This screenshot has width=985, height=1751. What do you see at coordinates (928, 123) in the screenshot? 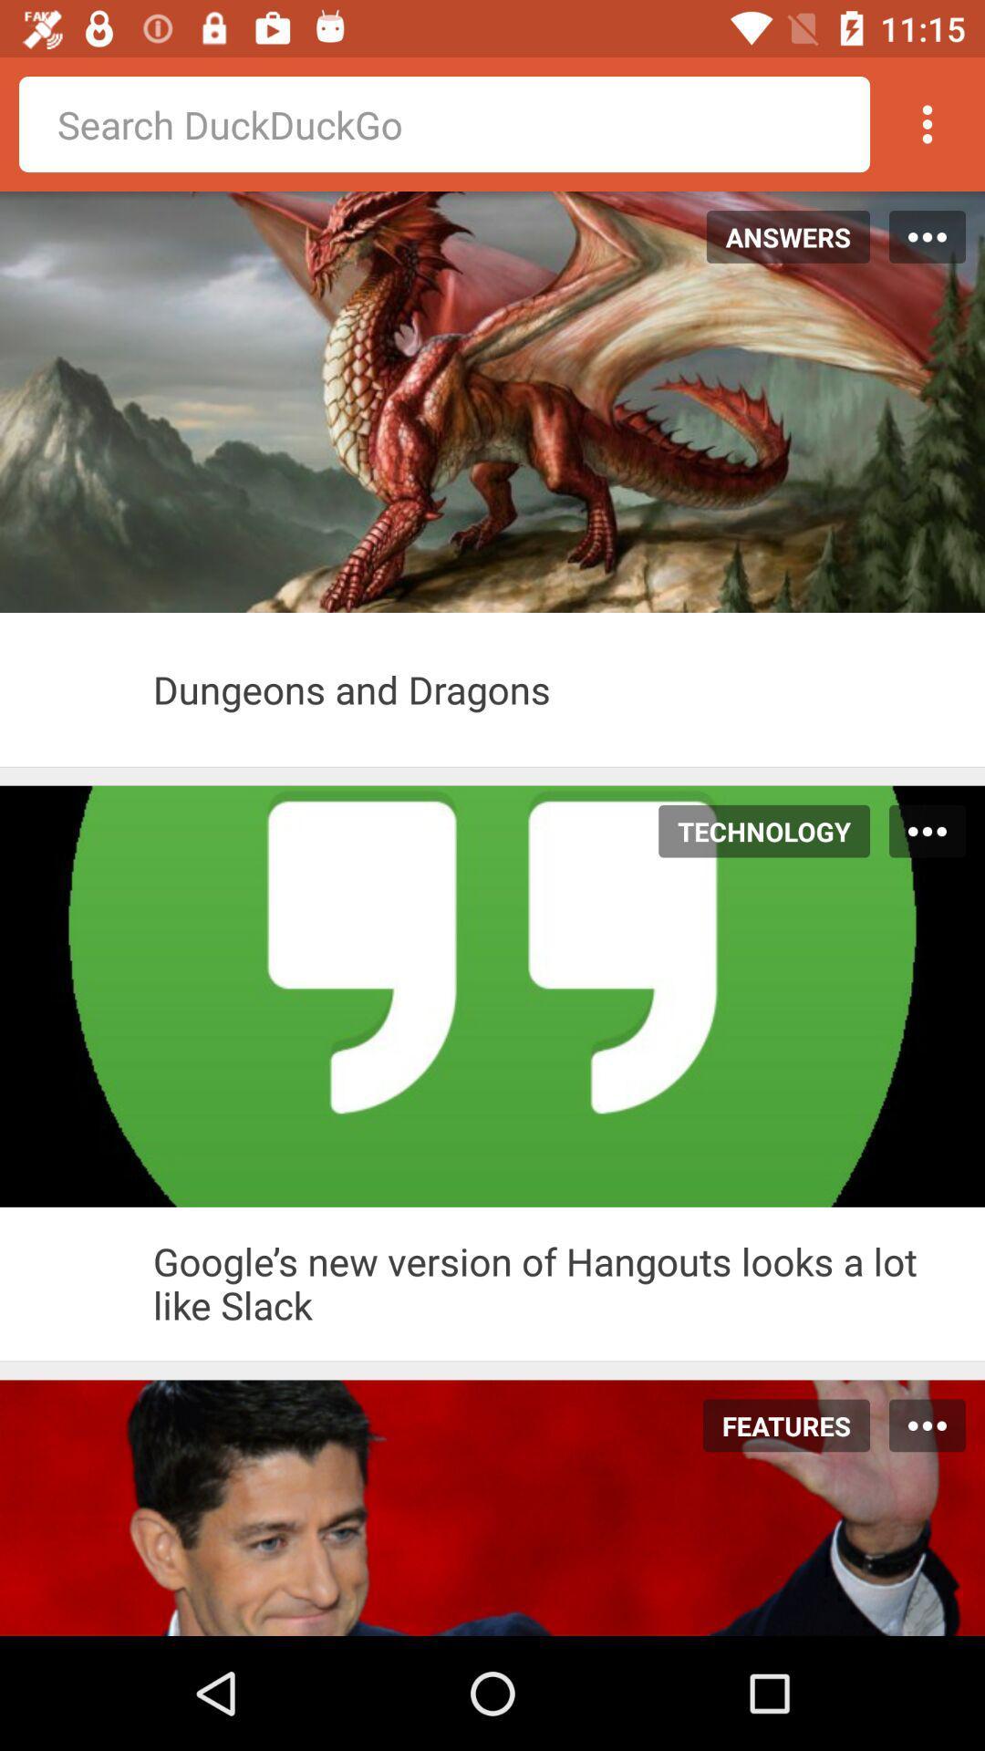
I see `other options` at bounding box center [928, 123].